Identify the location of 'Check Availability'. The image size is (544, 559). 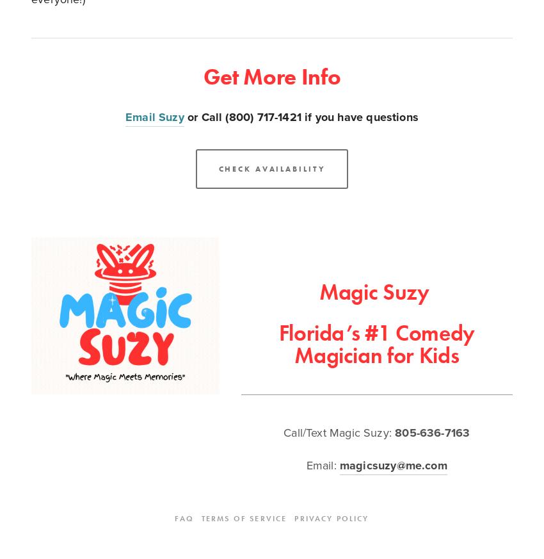
(271, 168).